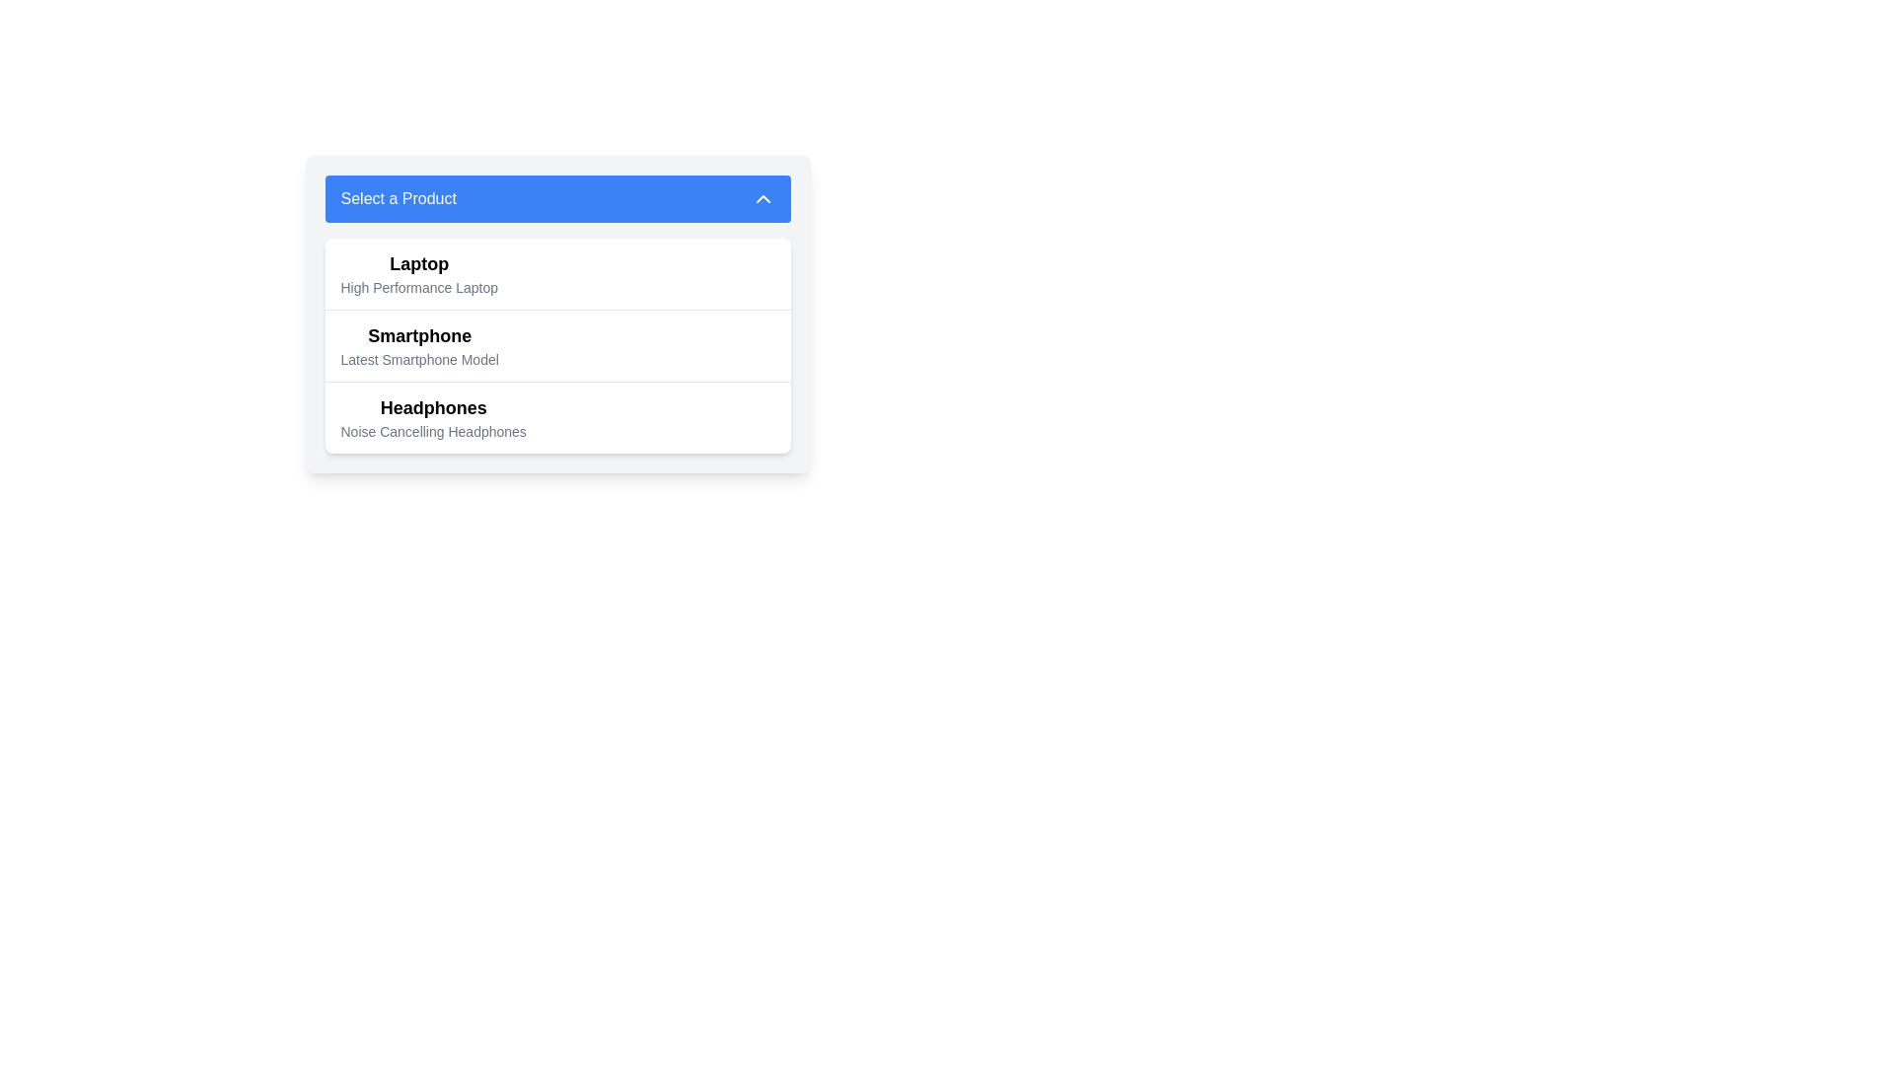  What do you see at coordinates (556, 273) in the screenshot?
I see `the selectable item labeled 'Laptop' in the dropdown list` at bounding box center [556, 273].